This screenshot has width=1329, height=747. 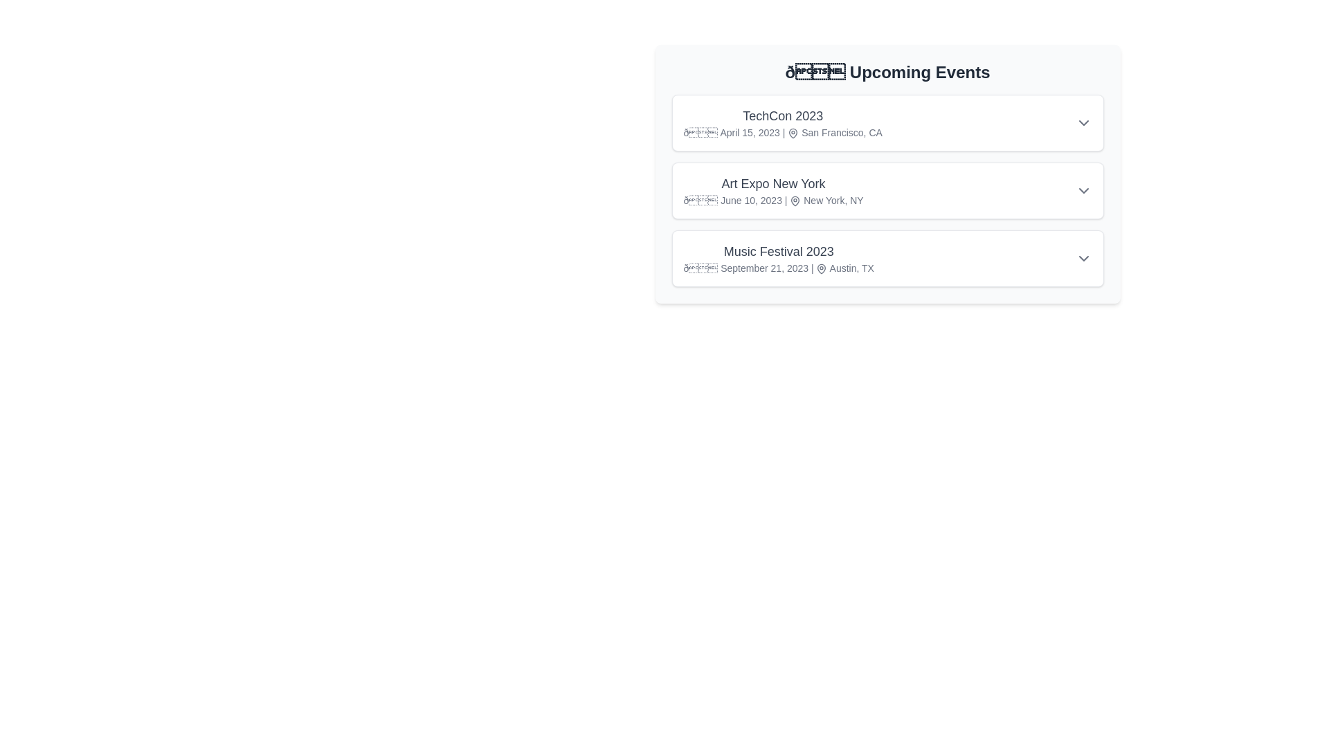 I want to click on the location icon for the event titled 'Music Festival 2023', so click(x=822, y=269).